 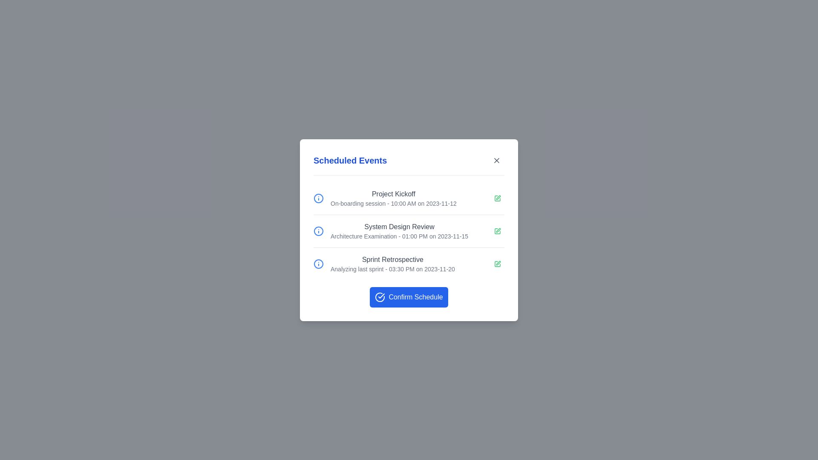 What do you see at coordinates (497, 198) in the screenshot?
I see `edit button for the event titled 'Project Kickoff'` at bounding box center [497, 198].